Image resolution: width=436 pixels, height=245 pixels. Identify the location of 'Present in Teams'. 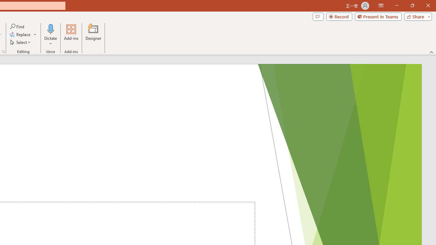
(378, 16).